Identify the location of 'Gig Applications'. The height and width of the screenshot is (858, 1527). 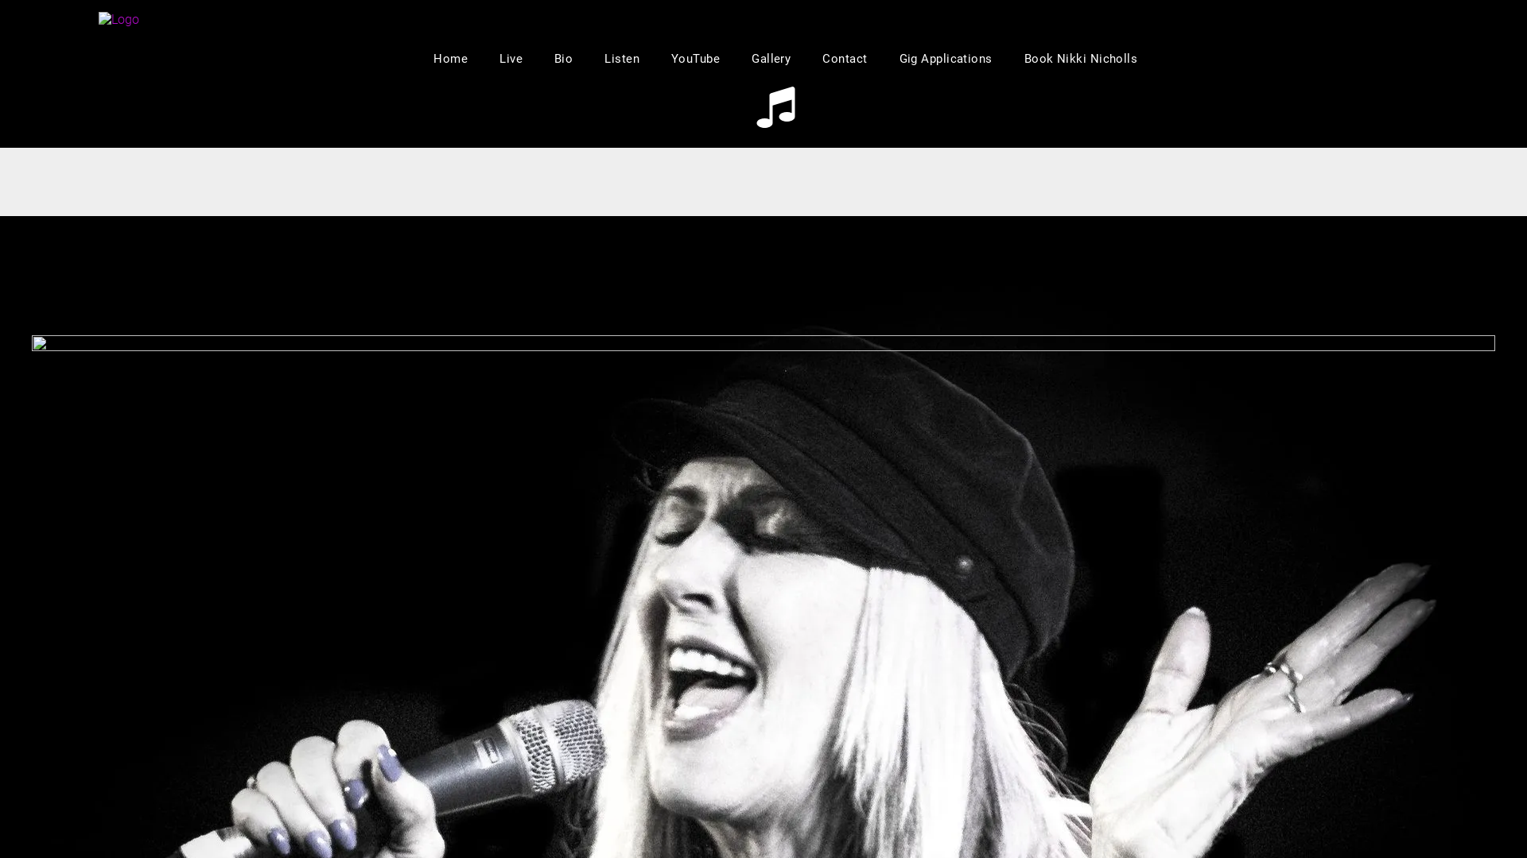
(945, 57).